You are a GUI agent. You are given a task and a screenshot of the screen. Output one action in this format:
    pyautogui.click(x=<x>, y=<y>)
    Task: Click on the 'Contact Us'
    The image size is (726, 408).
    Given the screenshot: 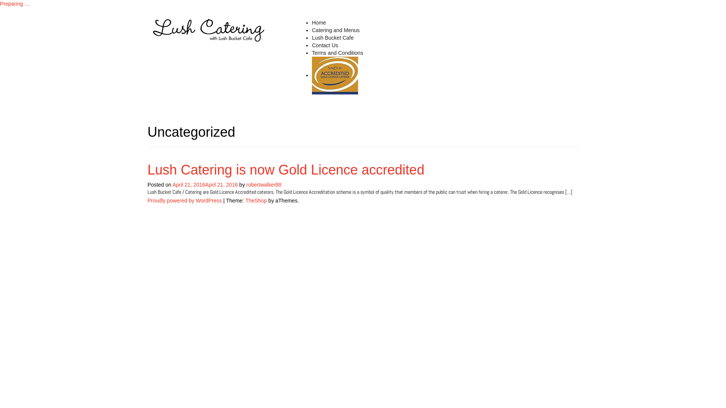 What is the action you would take?
    pyautogui.click(x=325, y=45)
    